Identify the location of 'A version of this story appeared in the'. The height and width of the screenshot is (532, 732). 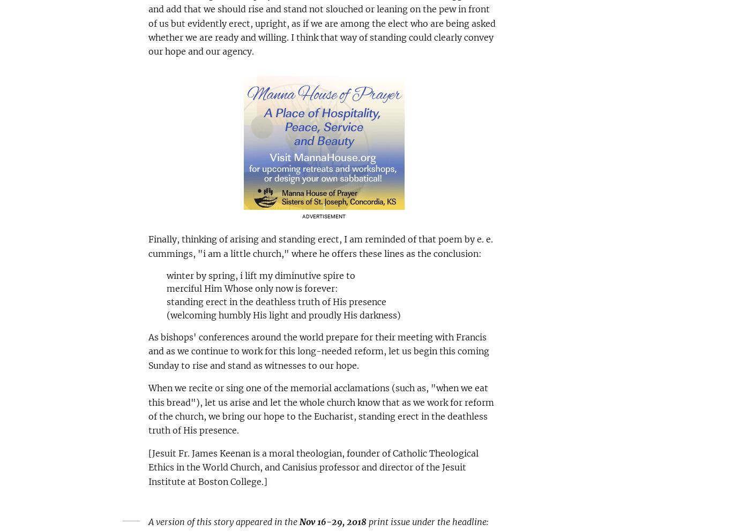
(223, 521).